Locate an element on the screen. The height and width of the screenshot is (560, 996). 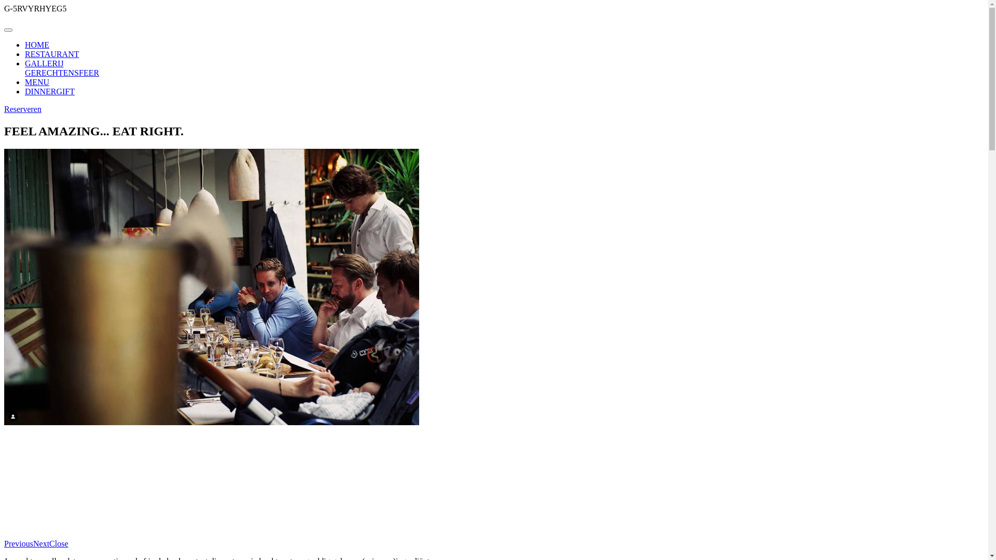
'MENU' is located at coordinates (37, 81).